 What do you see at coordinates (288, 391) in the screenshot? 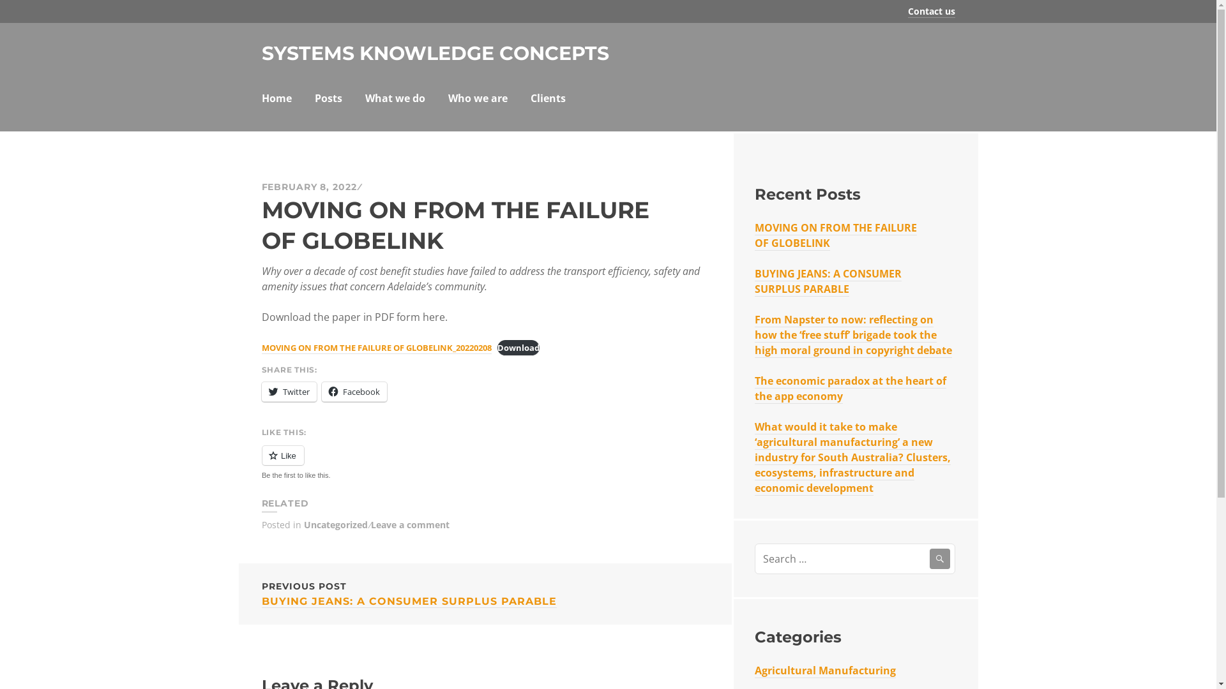
I see `'Twitter'` at bounding box center [288, 391].